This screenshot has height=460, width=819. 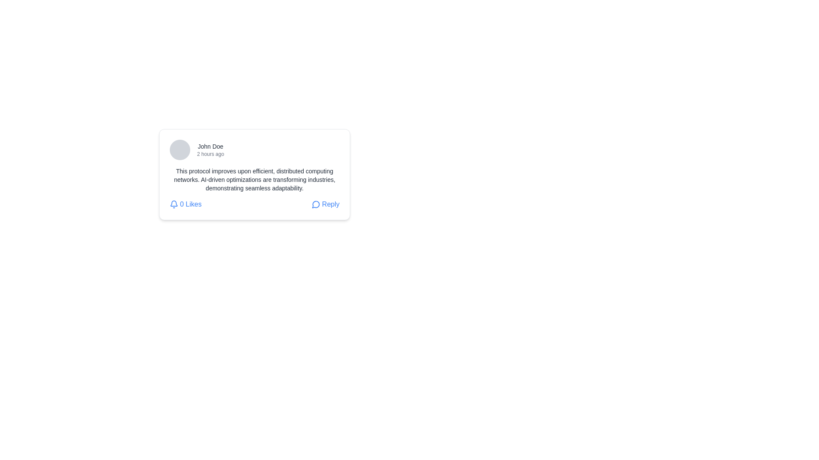 I want to click on the static text label that displays 'John Doe', which serves as an identifier for a user or participant in a discussion, so click(x=210, y=146).